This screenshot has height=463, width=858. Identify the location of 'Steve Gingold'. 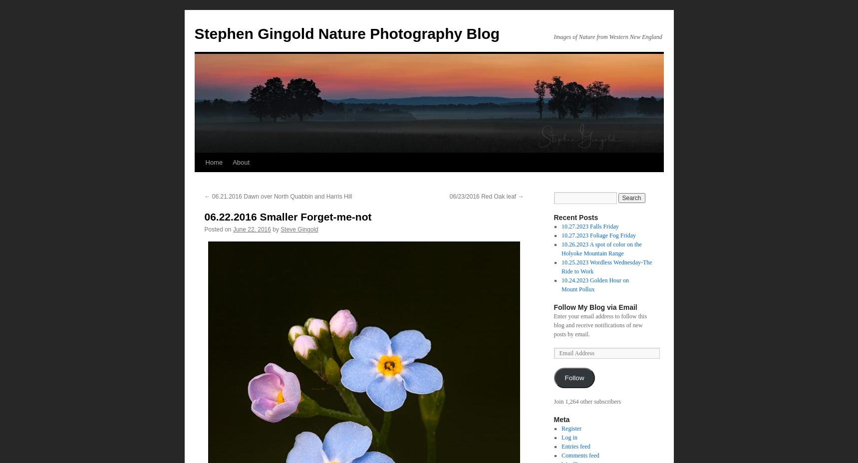
(299, 230).